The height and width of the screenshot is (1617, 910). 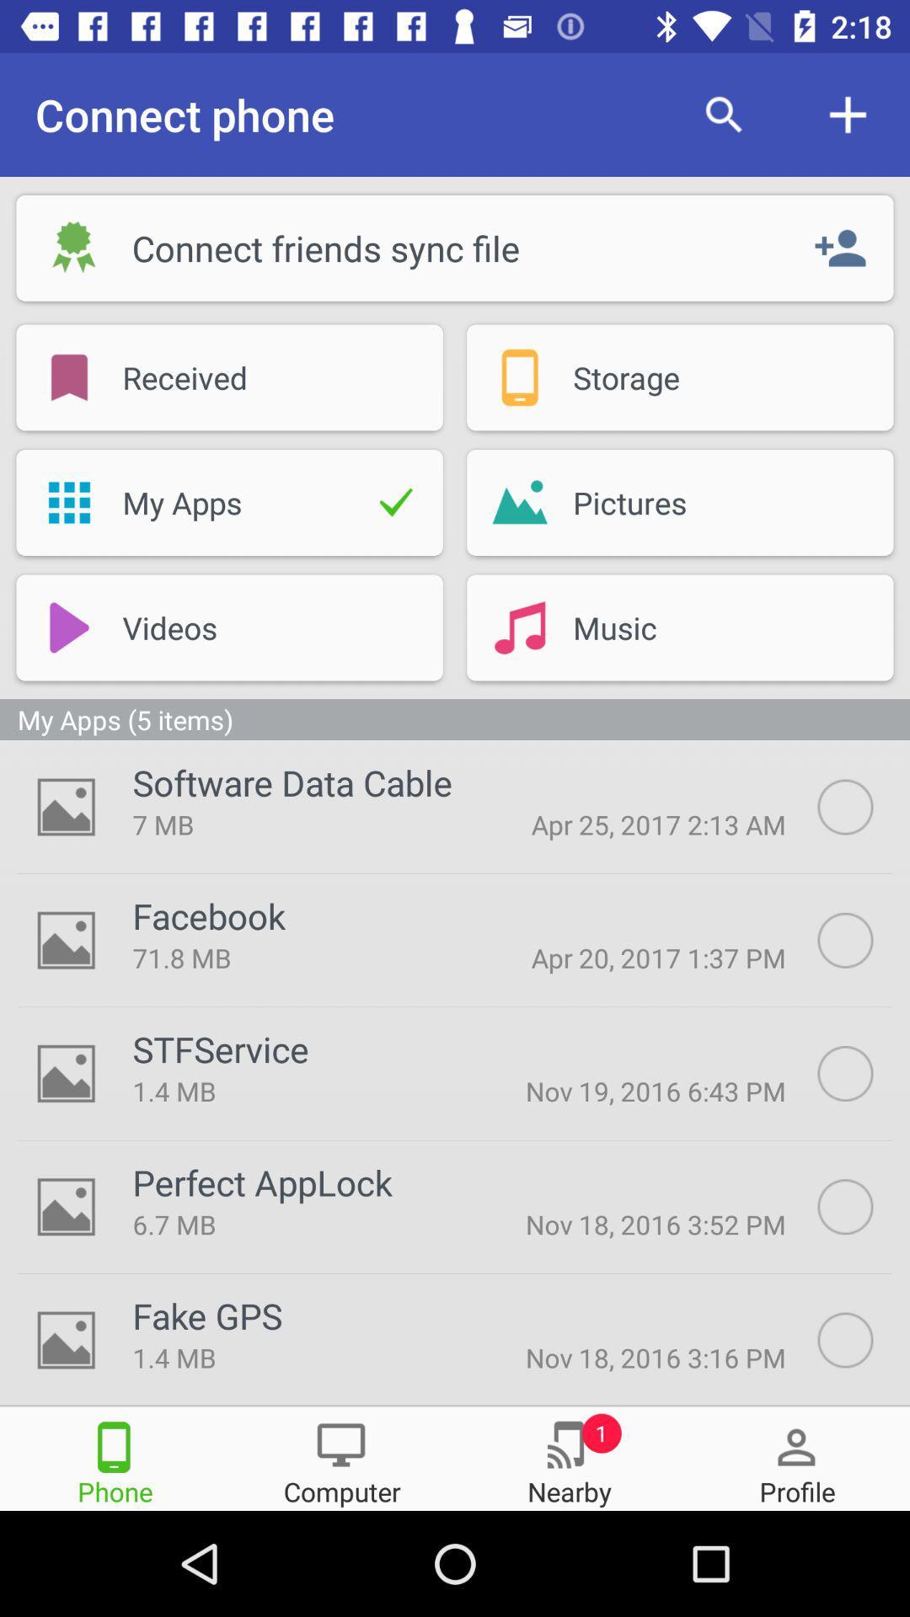 I want to click on app next to apr 25 2017, so click(x=292, y=782).